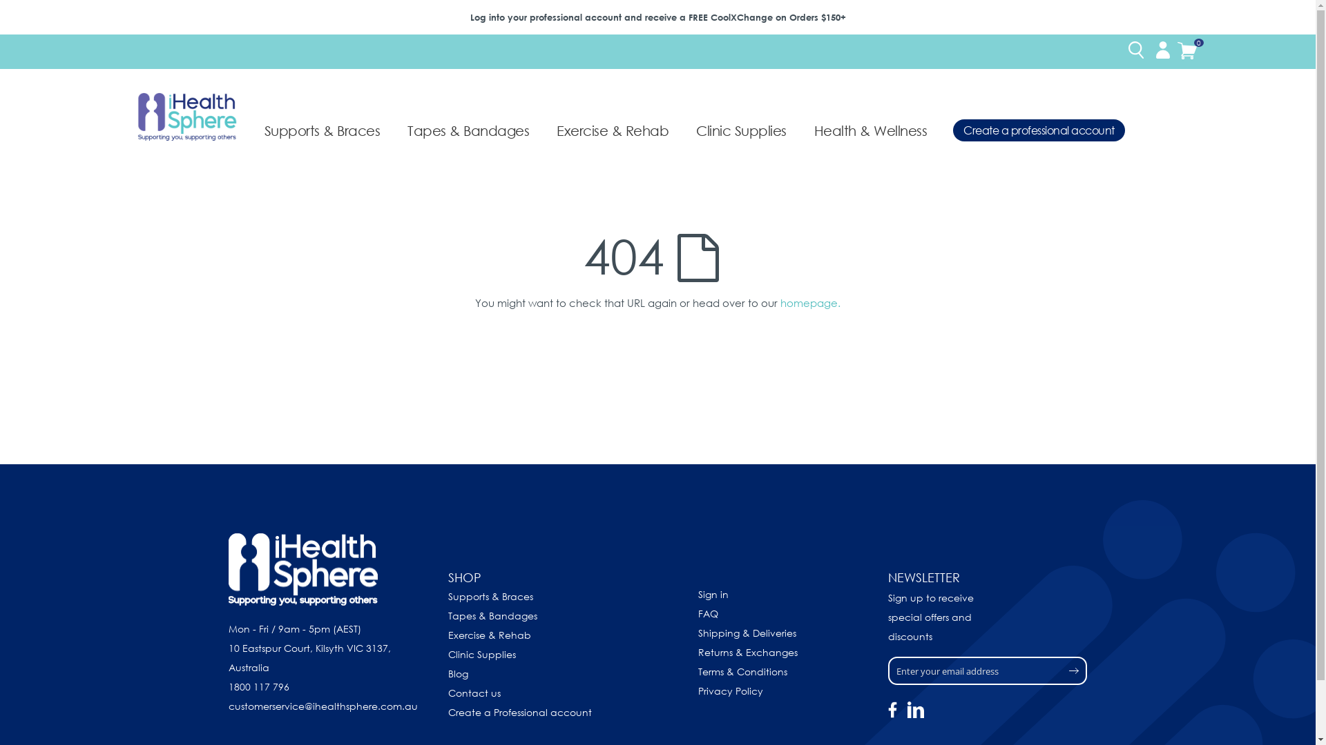 This screenshot has height=745, width=1326. I want to click on 'Clinic Supplies', so click(481, 653).